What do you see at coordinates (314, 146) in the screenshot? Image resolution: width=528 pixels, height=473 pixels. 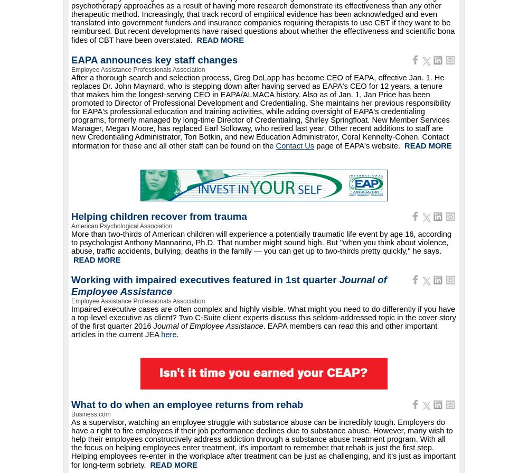 I see `'page of EAPA's website.'` at bounding box center [314, 146].